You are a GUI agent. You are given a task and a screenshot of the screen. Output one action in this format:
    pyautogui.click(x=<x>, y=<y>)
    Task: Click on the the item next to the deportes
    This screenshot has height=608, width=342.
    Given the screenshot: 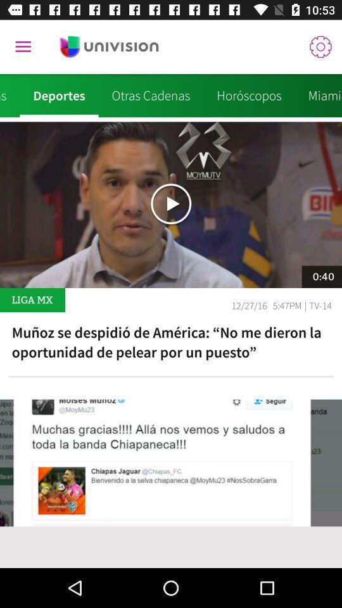 What is the action you would take?
    pyautogui.click(x=151, y=95)
    